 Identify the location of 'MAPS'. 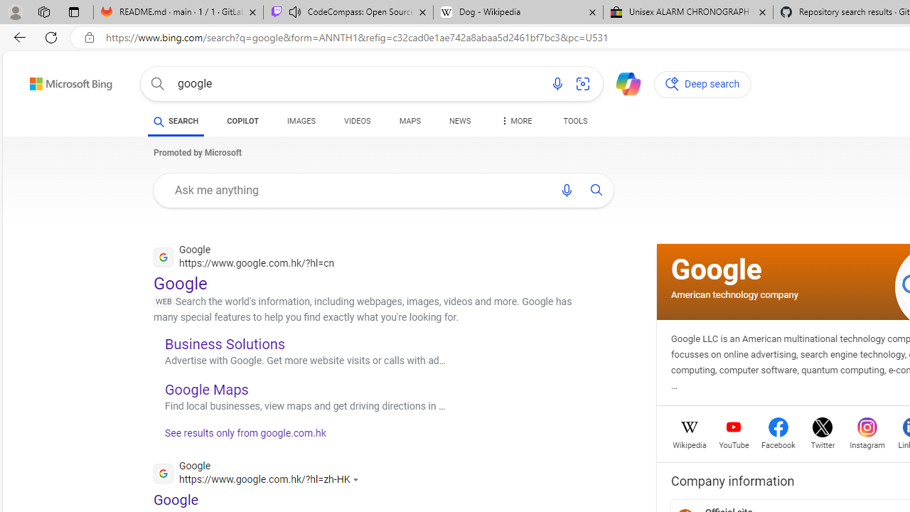
(409, 121).